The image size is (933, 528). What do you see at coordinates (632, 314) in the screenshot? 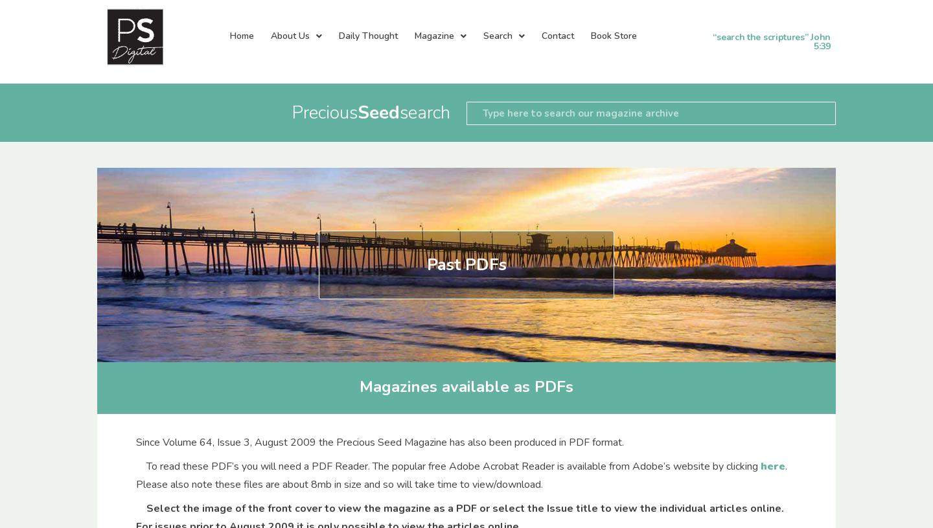
I see `'2021 Volume 76 Issue 2'` at bounding box center [632, 314].